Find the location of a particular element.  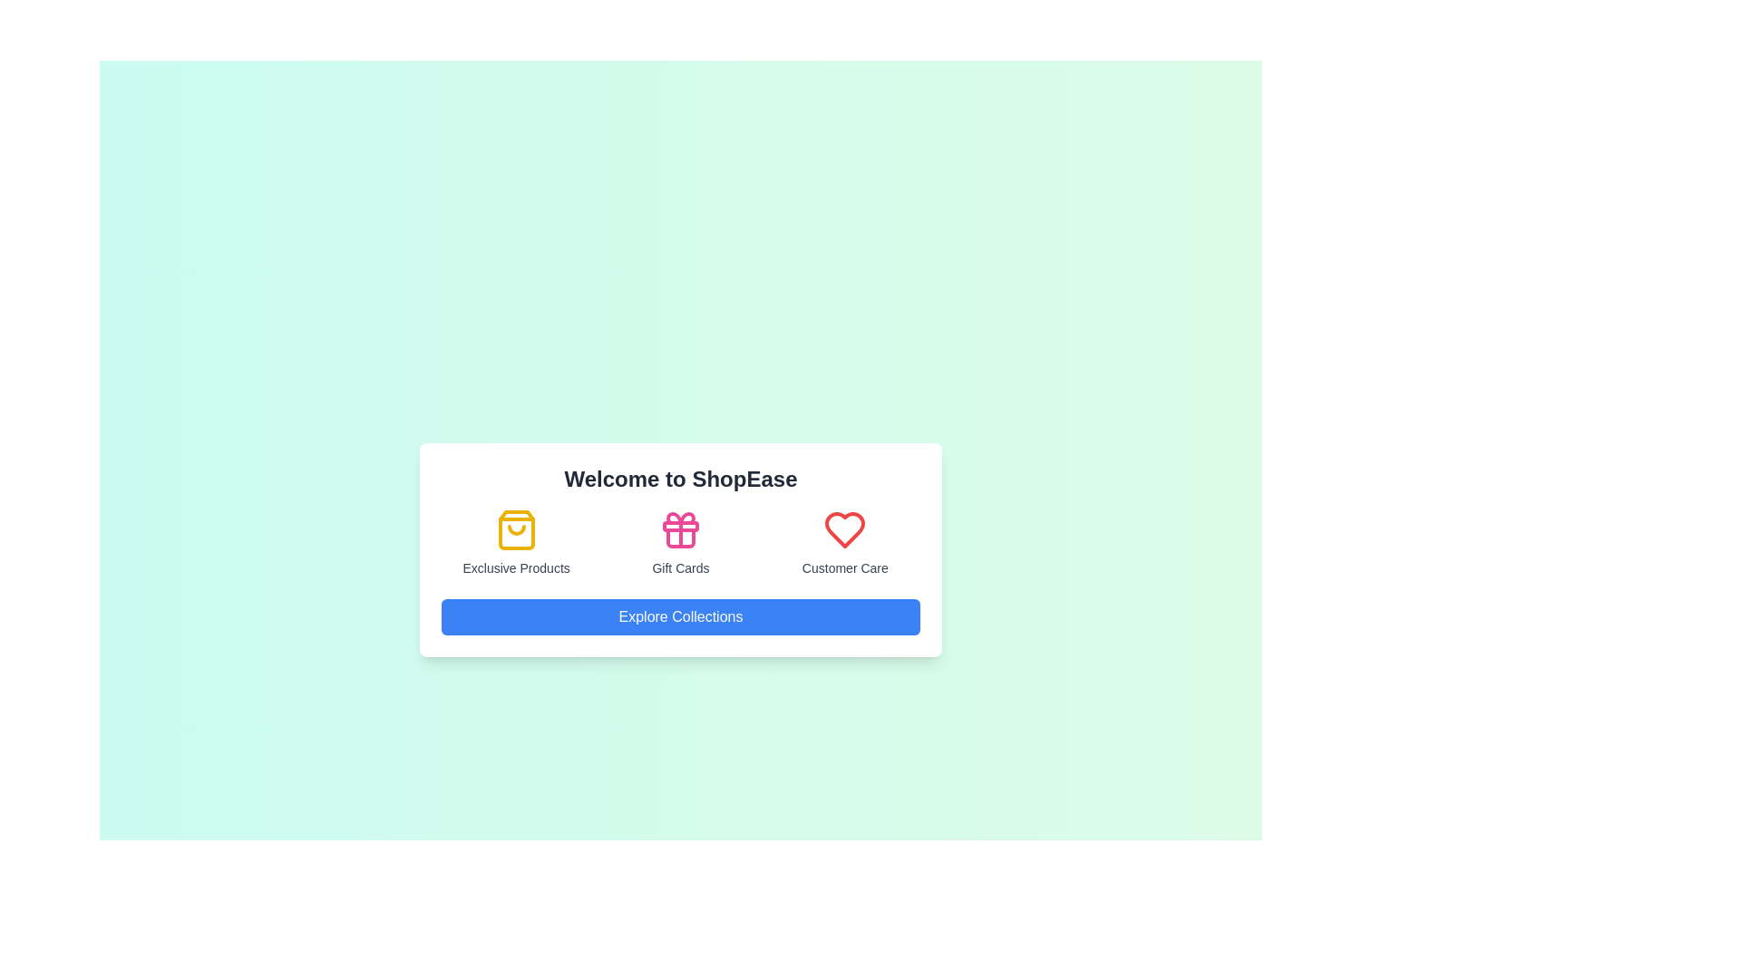

welcoming message displayed in the Text Header at the top of the central card-like structure is located at coordinates (679, 478).